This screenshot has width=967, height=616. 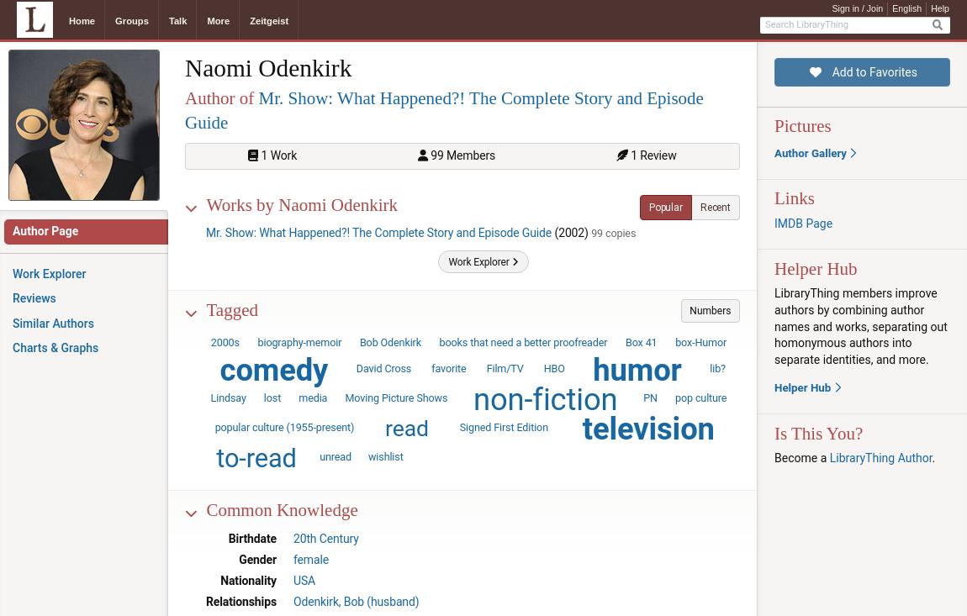 I want to click on 'Numbers', so click(x=709, y=309).